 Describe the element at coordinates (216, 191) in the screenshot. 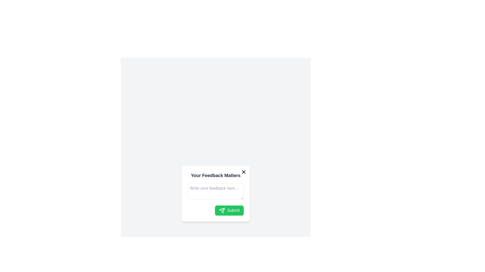

I see `text within the feedback text input area located in the modal 'Your Feedback Matters', which is positioned centrally below the header text and above the green submit button` at that location.